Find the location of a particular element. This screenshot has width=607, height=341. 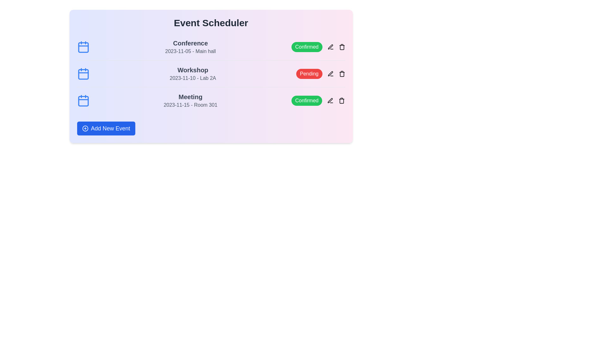

the red button labeled 'Pending' in the 'Workshop' row is located at coordinates (309, 74).